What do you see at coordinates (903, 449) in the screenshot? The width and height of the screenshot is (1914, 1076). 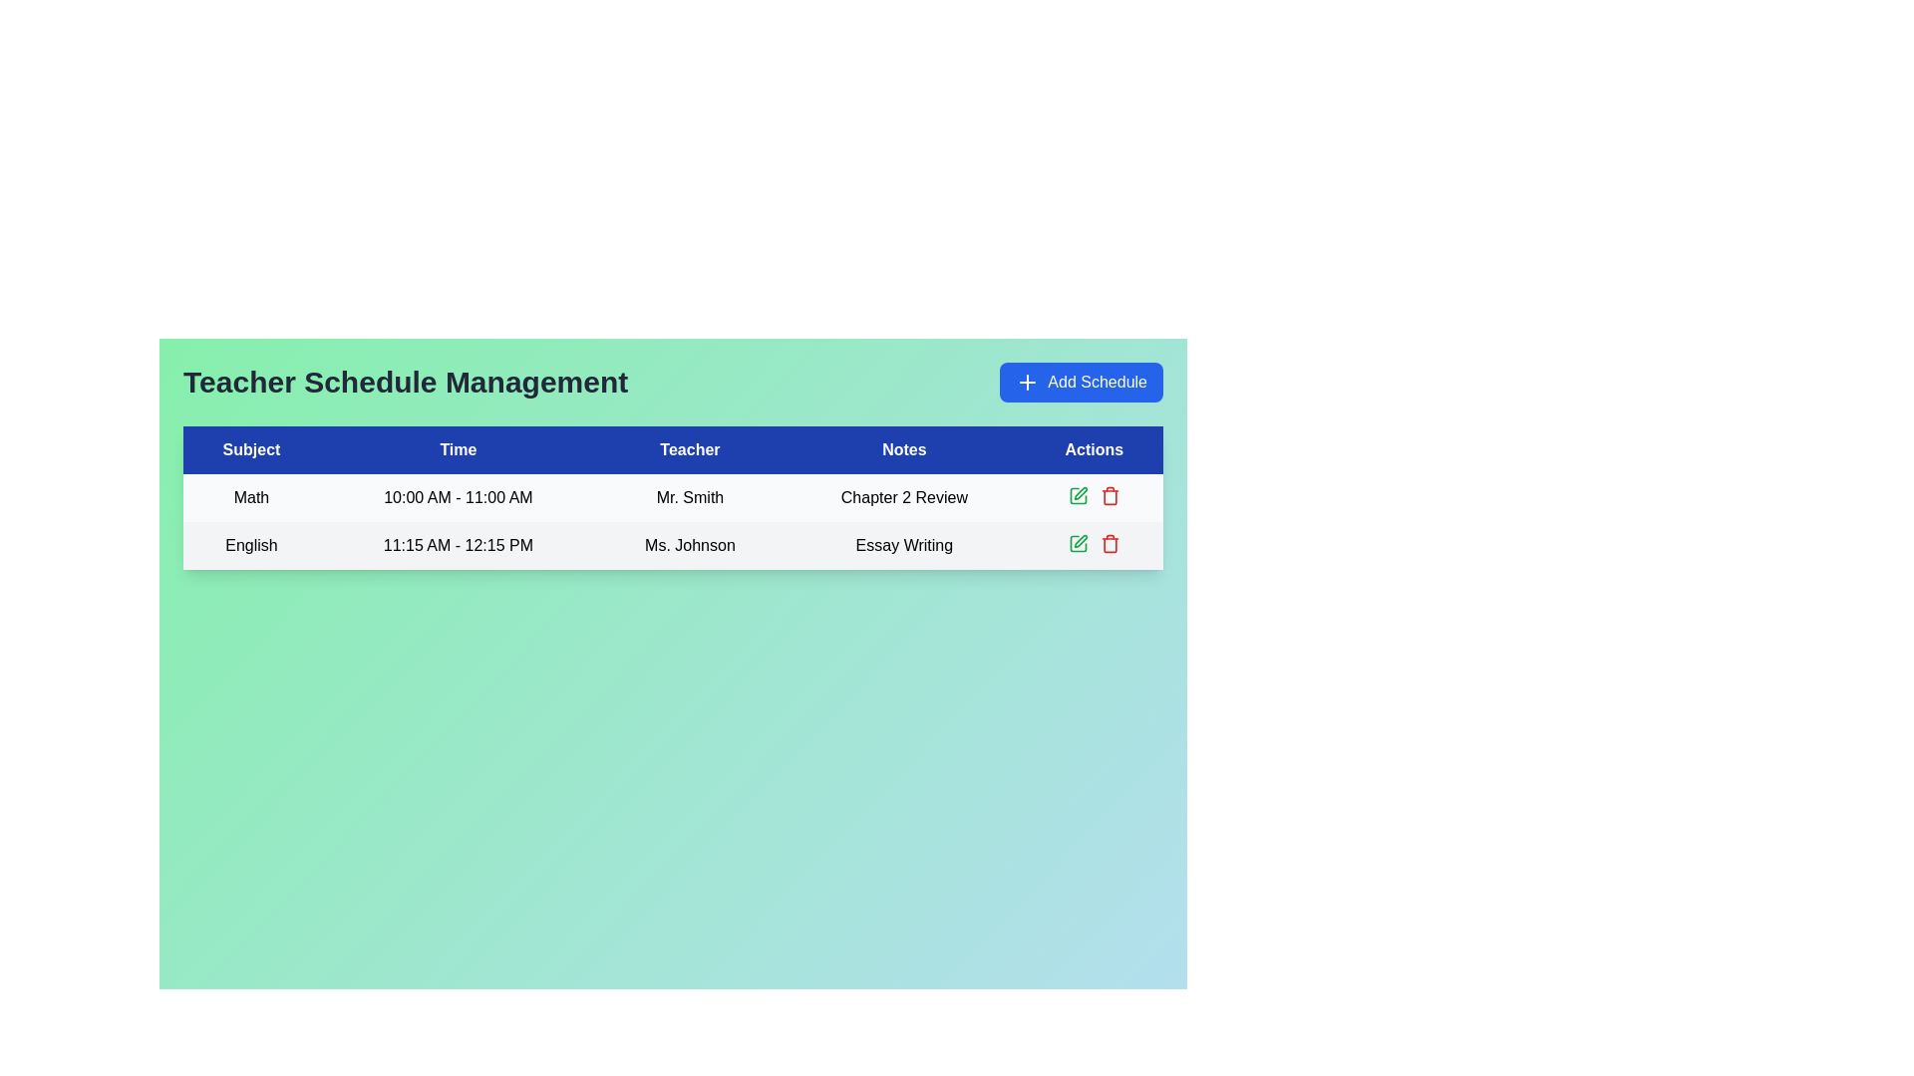 I see `the 'Notes' header label in the table, which is the fourth item in the header row located between 'Teacher' and 'Actions'` at bounding box center [903, 449].